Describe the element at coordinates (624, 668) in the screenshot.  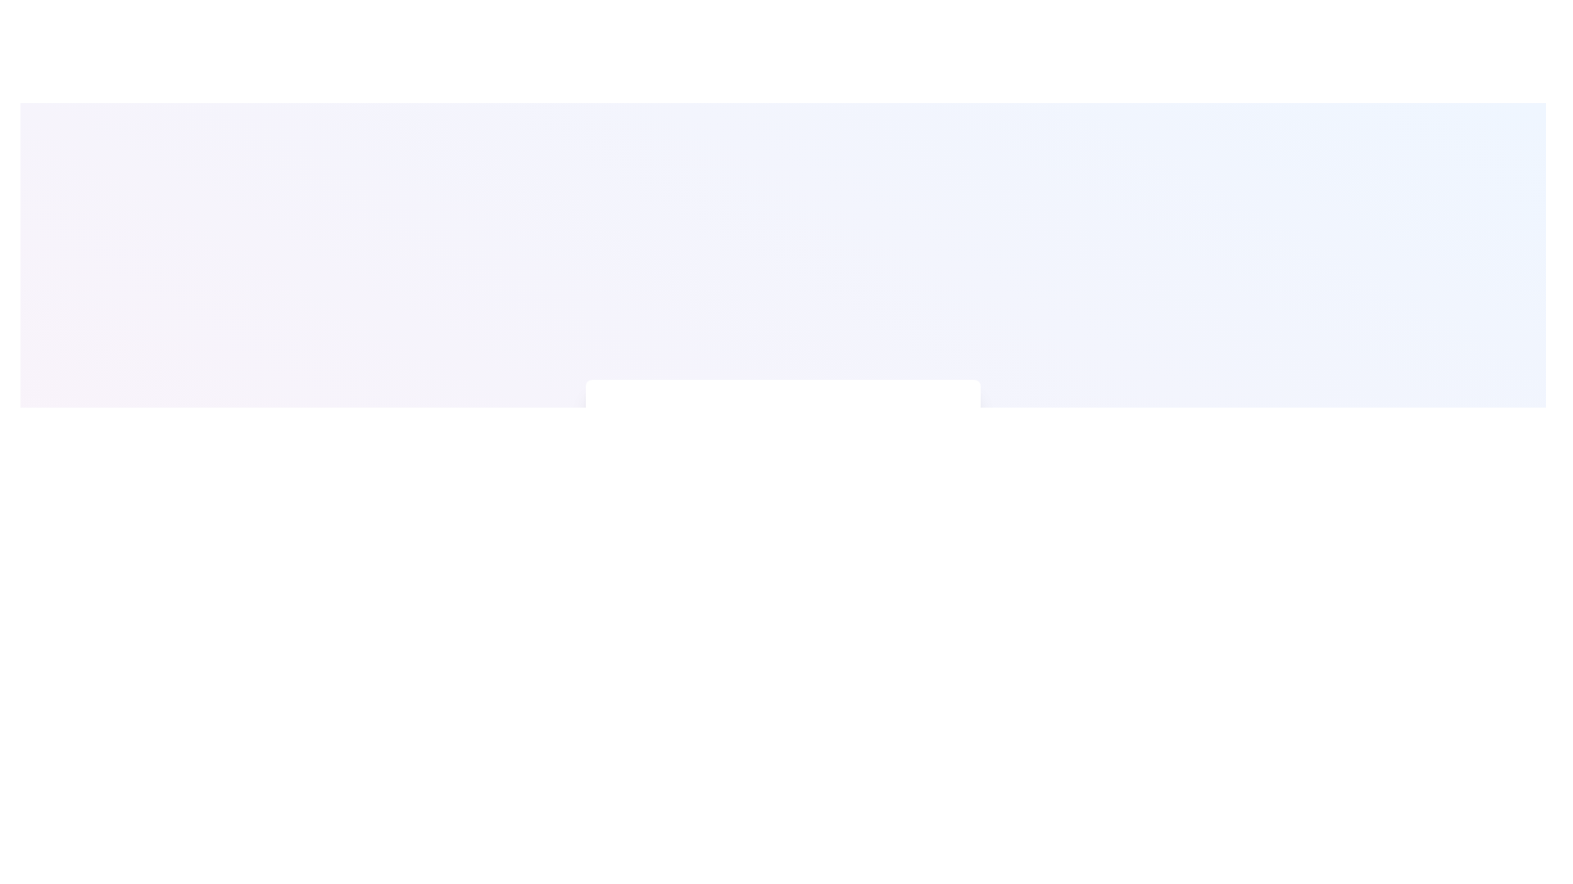
I see `the circular SVG element, which has a radius of 10 units and is located in the lower-right section of the interface` at that location.